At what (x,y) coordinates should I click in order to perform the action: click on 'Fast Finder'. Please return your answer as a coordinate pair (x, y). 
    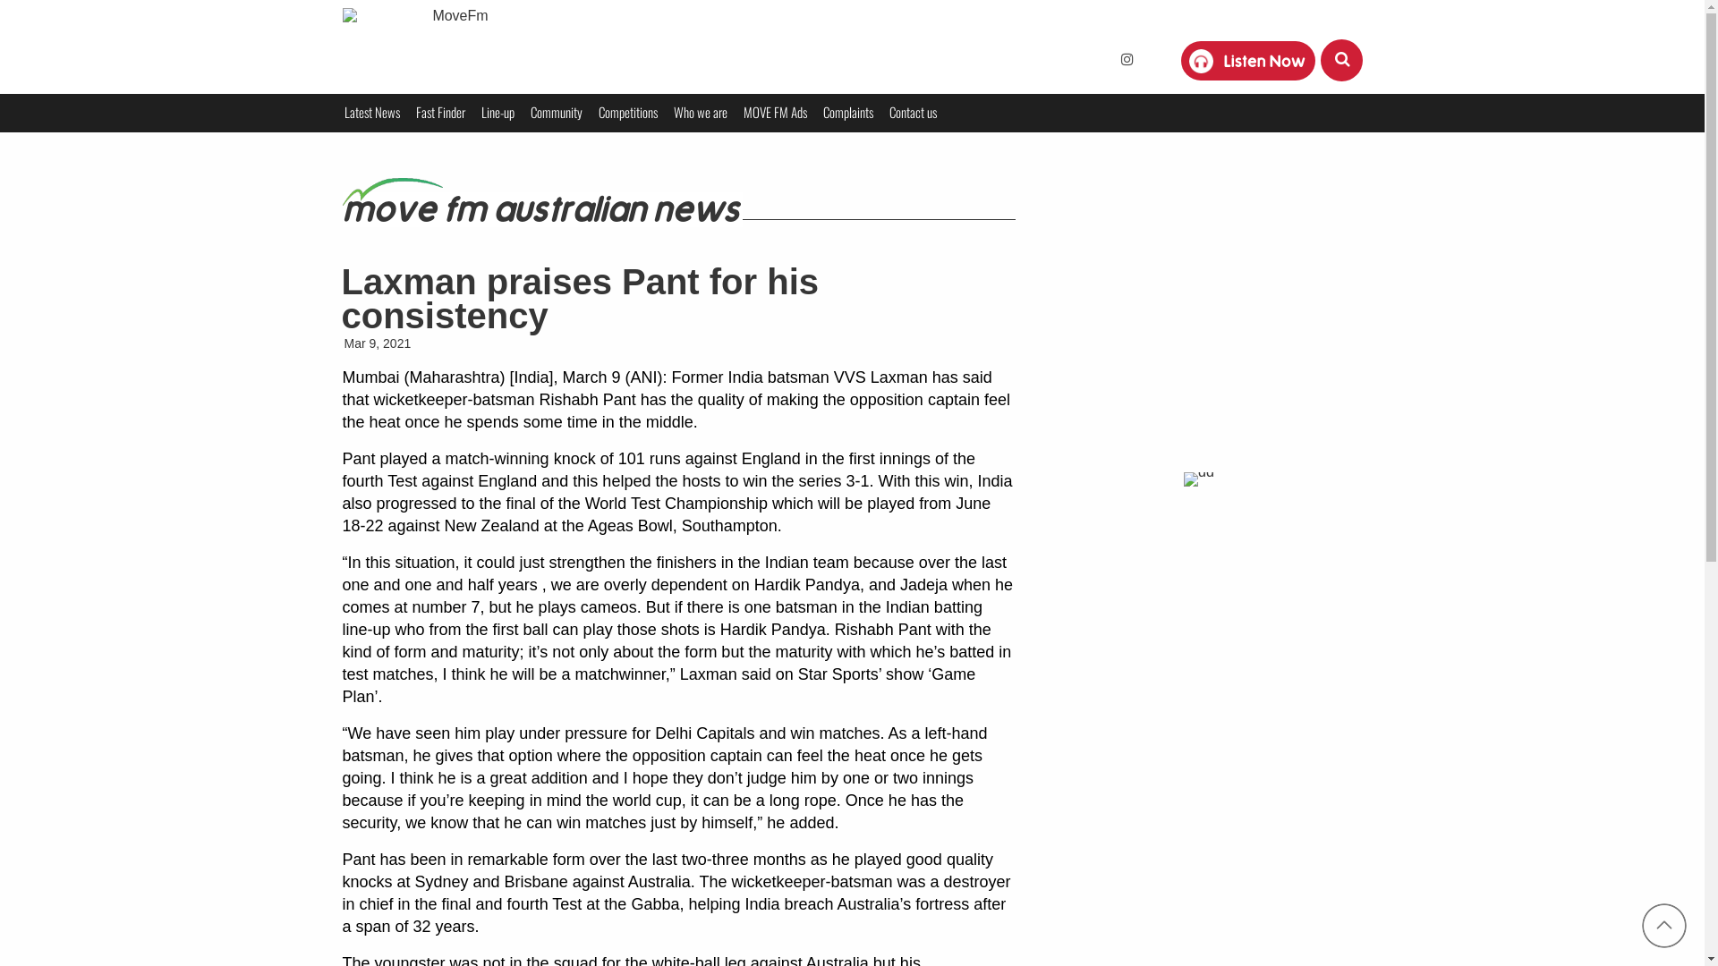
    Looking at the image, I should click on (407, 113).